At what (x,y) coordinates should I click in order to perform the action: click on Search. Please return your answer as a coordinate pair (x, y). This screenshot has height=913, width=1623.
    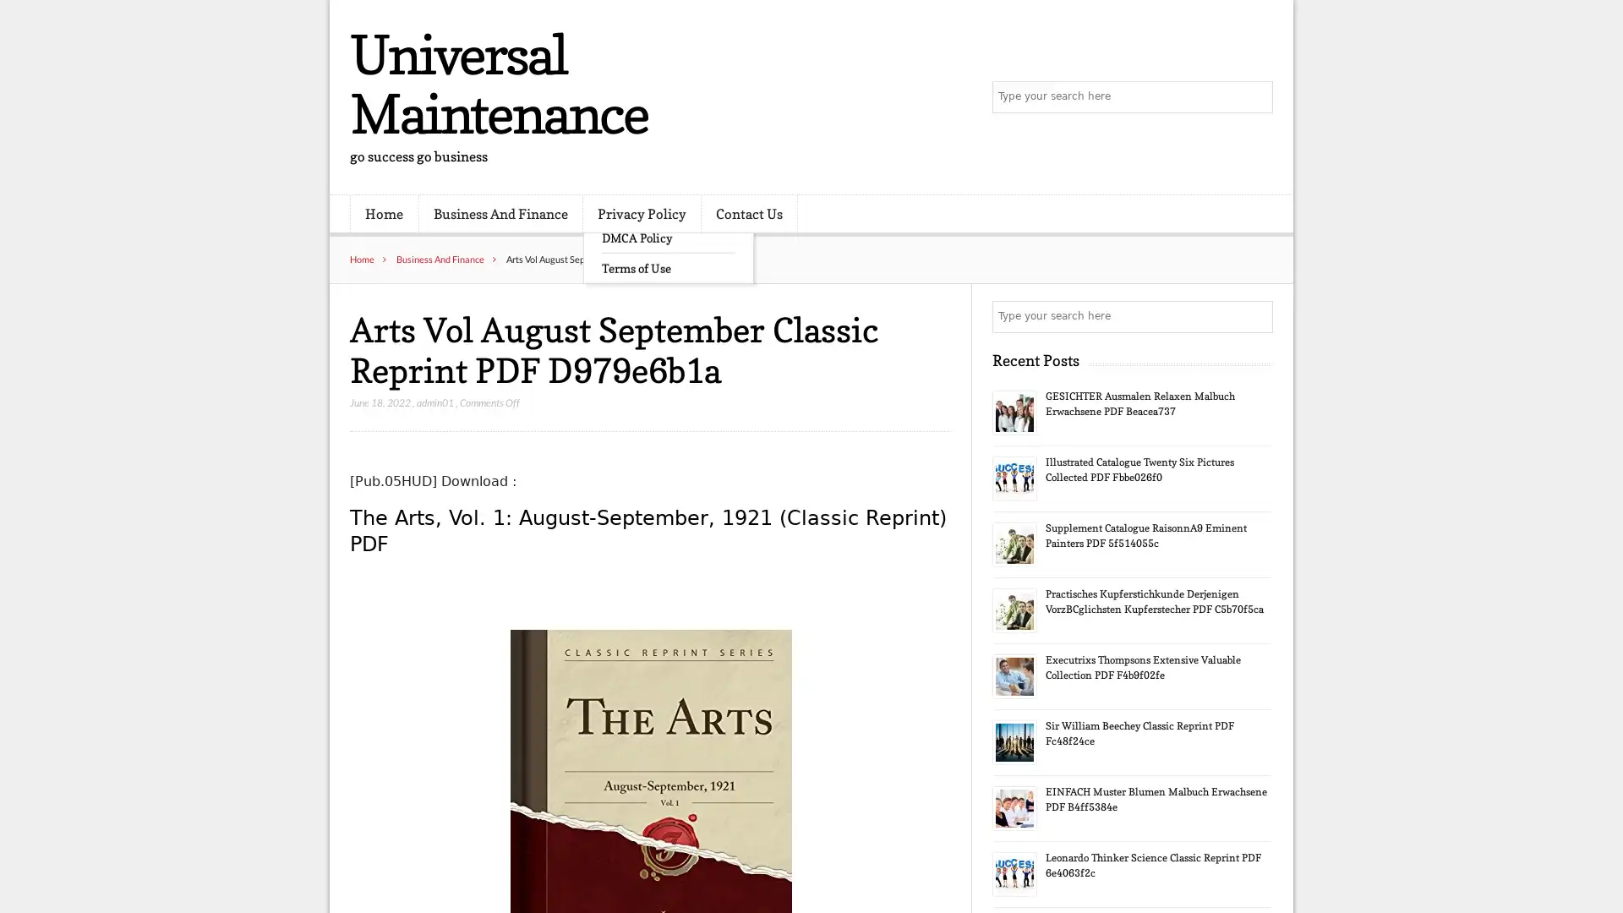
    Looking at the image, I should click on (1255, 97).